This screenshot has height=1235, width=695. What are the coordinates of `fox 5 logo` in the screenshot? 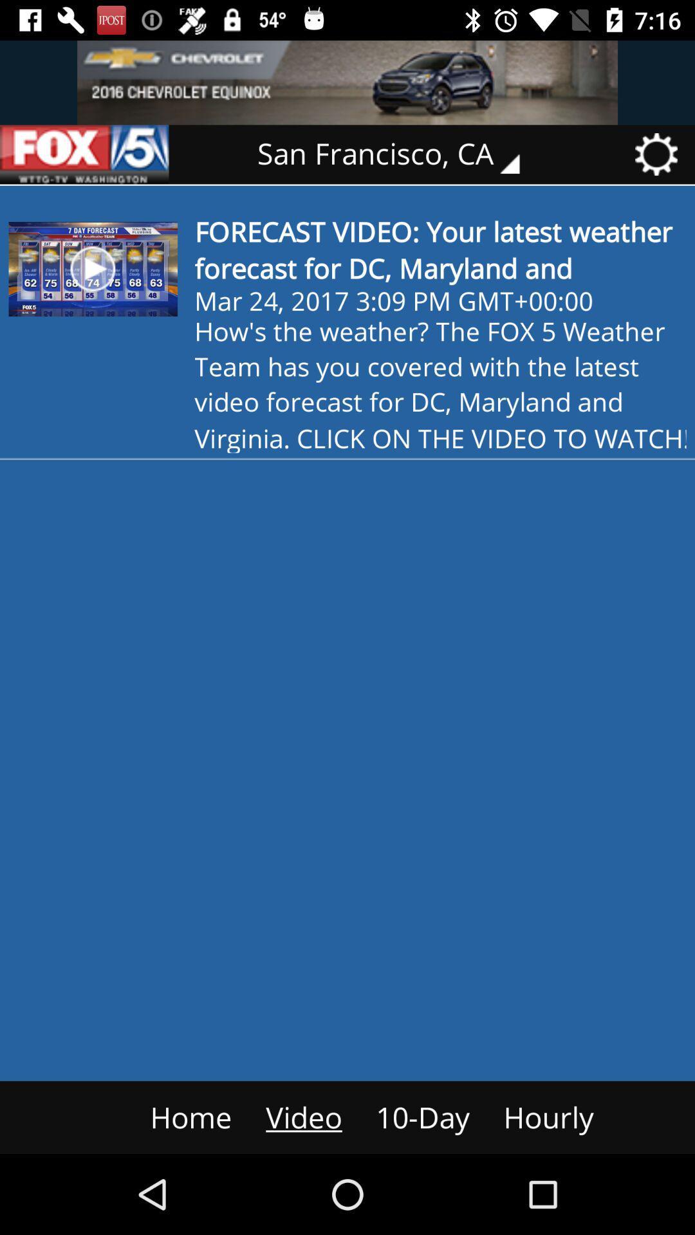 It's located at (84, 154).